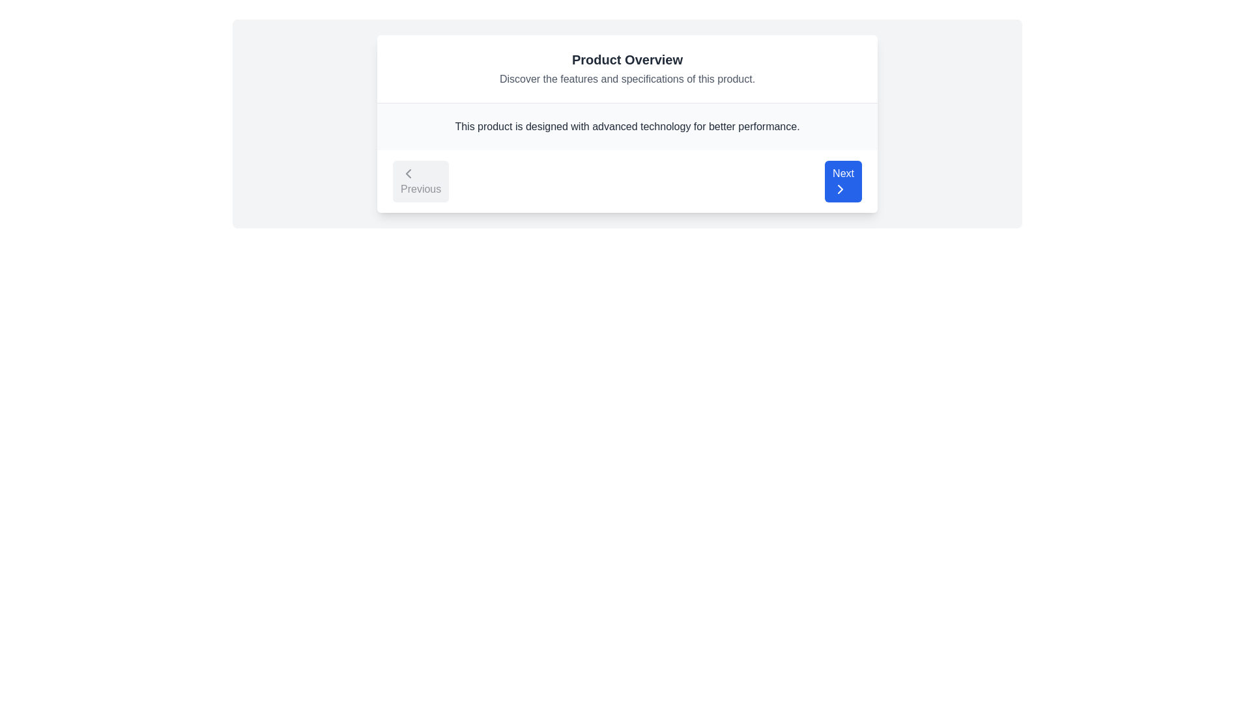 The width and height of the screenshot is (1251, 703). What do you see at coordinates (627, 79) in the screenshot?
I see `the descriptive text block located directly under the 'Product Overview' title within the content box` at bounding box center [627, 79].